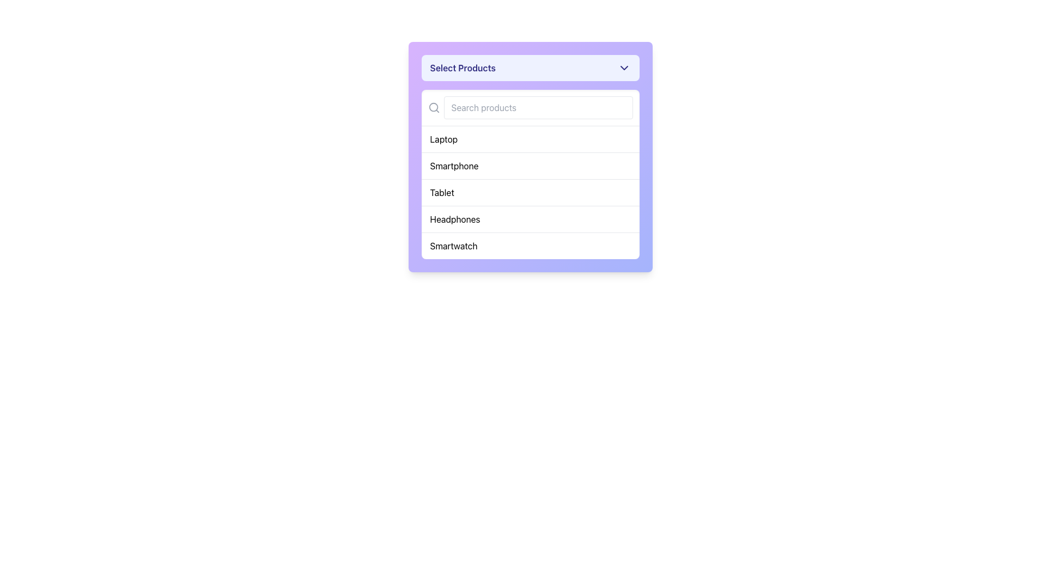 The image size is (1046, 588). Describe the element at coordinates (624, 68) in the screenshot. I see `the small downward-facing chevron icon, which has a dark indigo color and is located at the top-right of the 'Select Products' button` at that location.